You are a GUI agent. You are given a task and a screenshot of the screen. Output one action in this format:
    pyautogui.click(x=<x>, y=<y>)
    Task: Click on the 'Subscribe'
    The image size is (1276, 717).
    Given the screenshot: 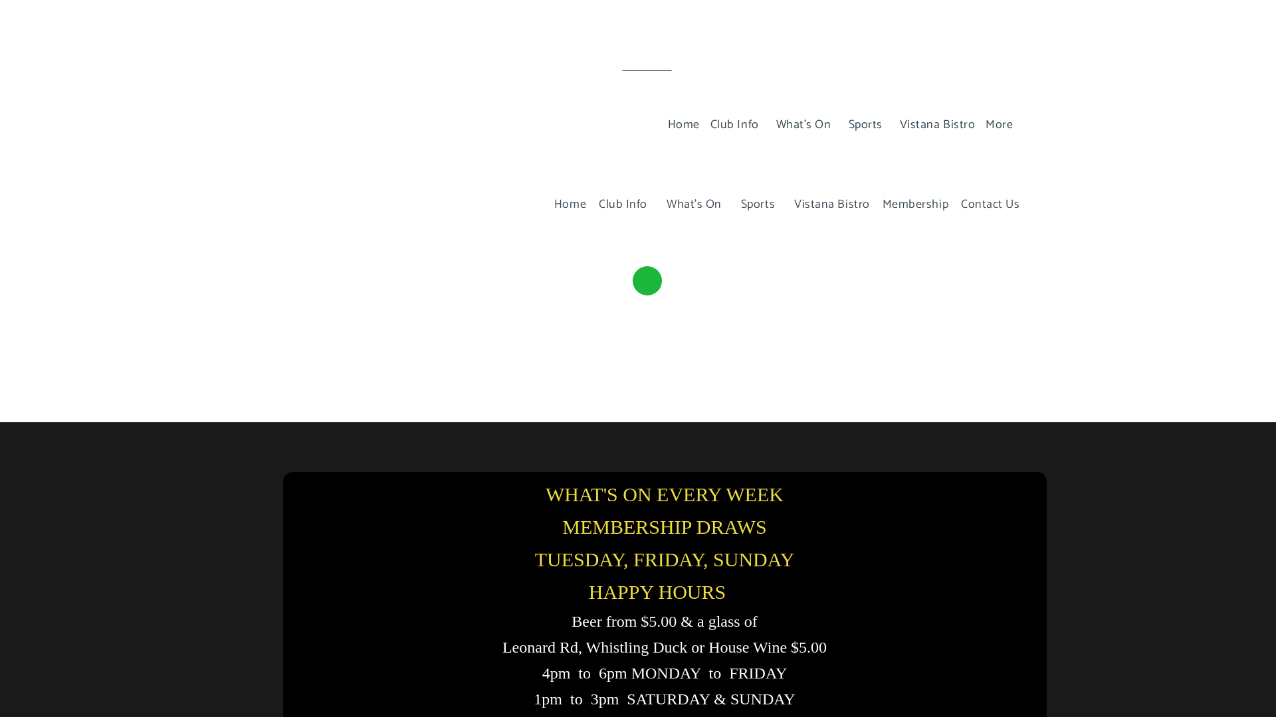 What is the action you would take?
    pyautogui.click(x=647, y=66)
    